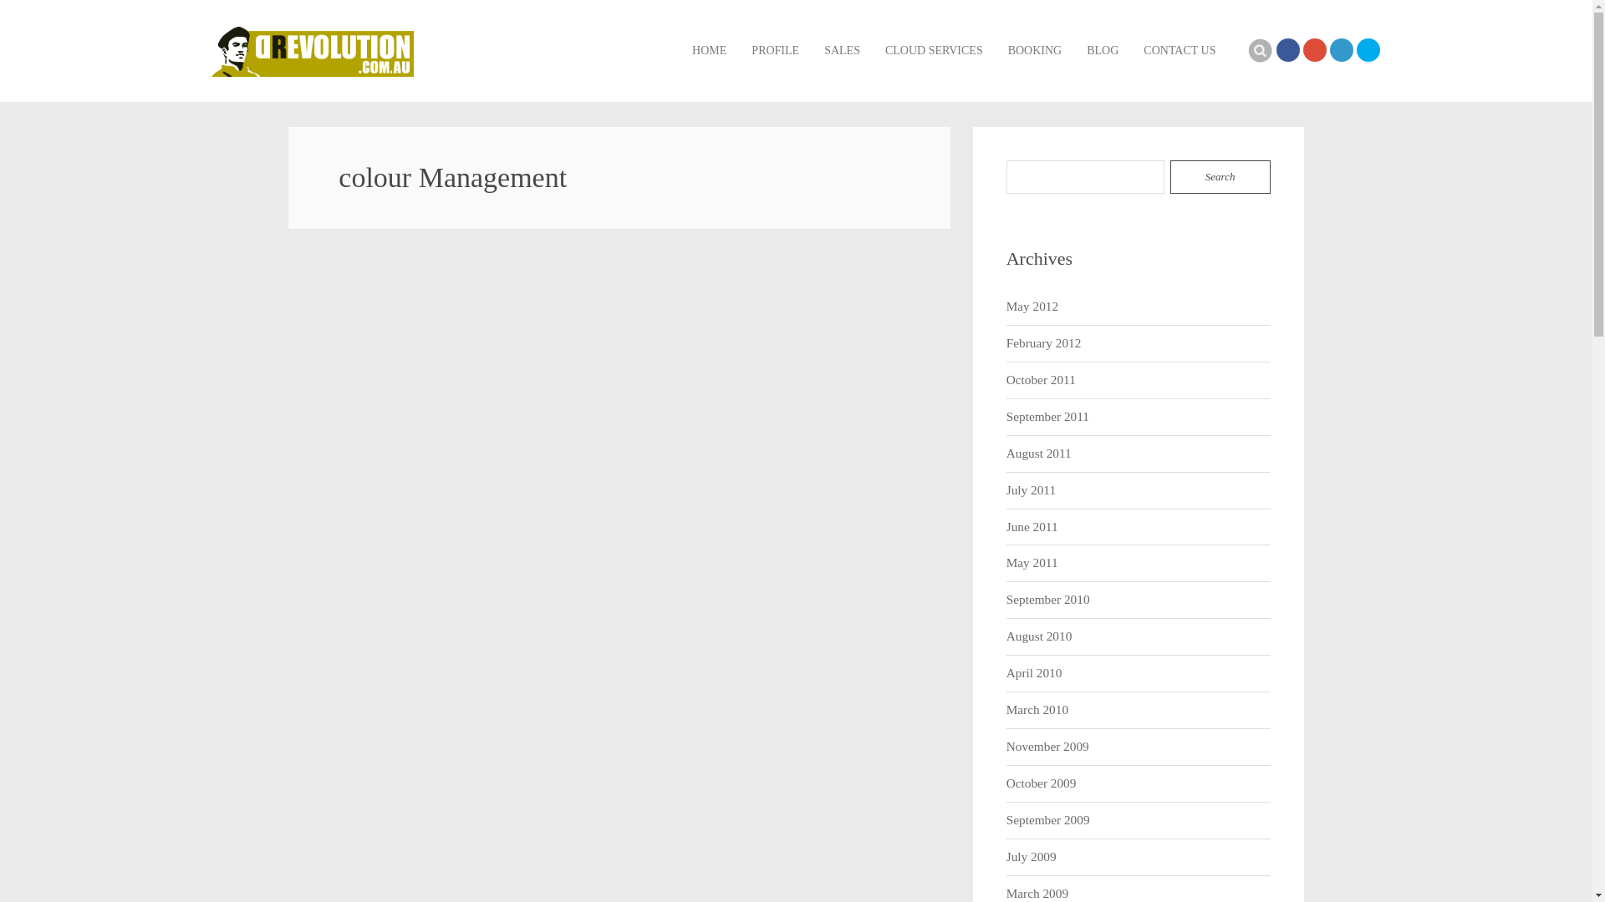  I want to click on 'September 2011', so click(1006, 416).